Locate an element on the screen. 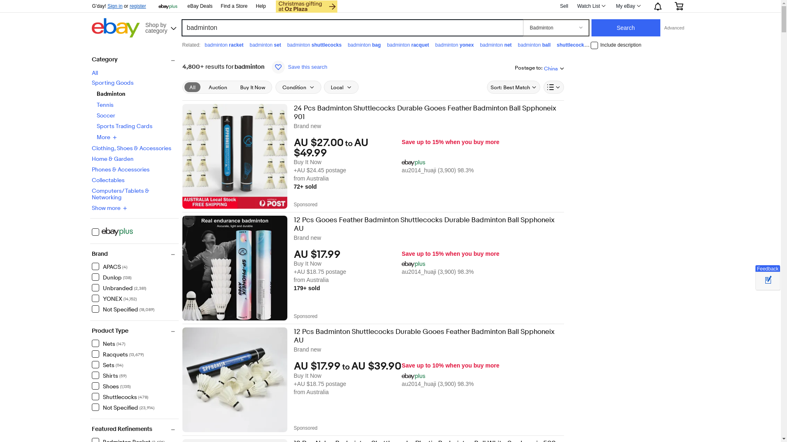 The width and height of the screenshot is (787, 442). 'YONEX is located at coordinates (114, 298).